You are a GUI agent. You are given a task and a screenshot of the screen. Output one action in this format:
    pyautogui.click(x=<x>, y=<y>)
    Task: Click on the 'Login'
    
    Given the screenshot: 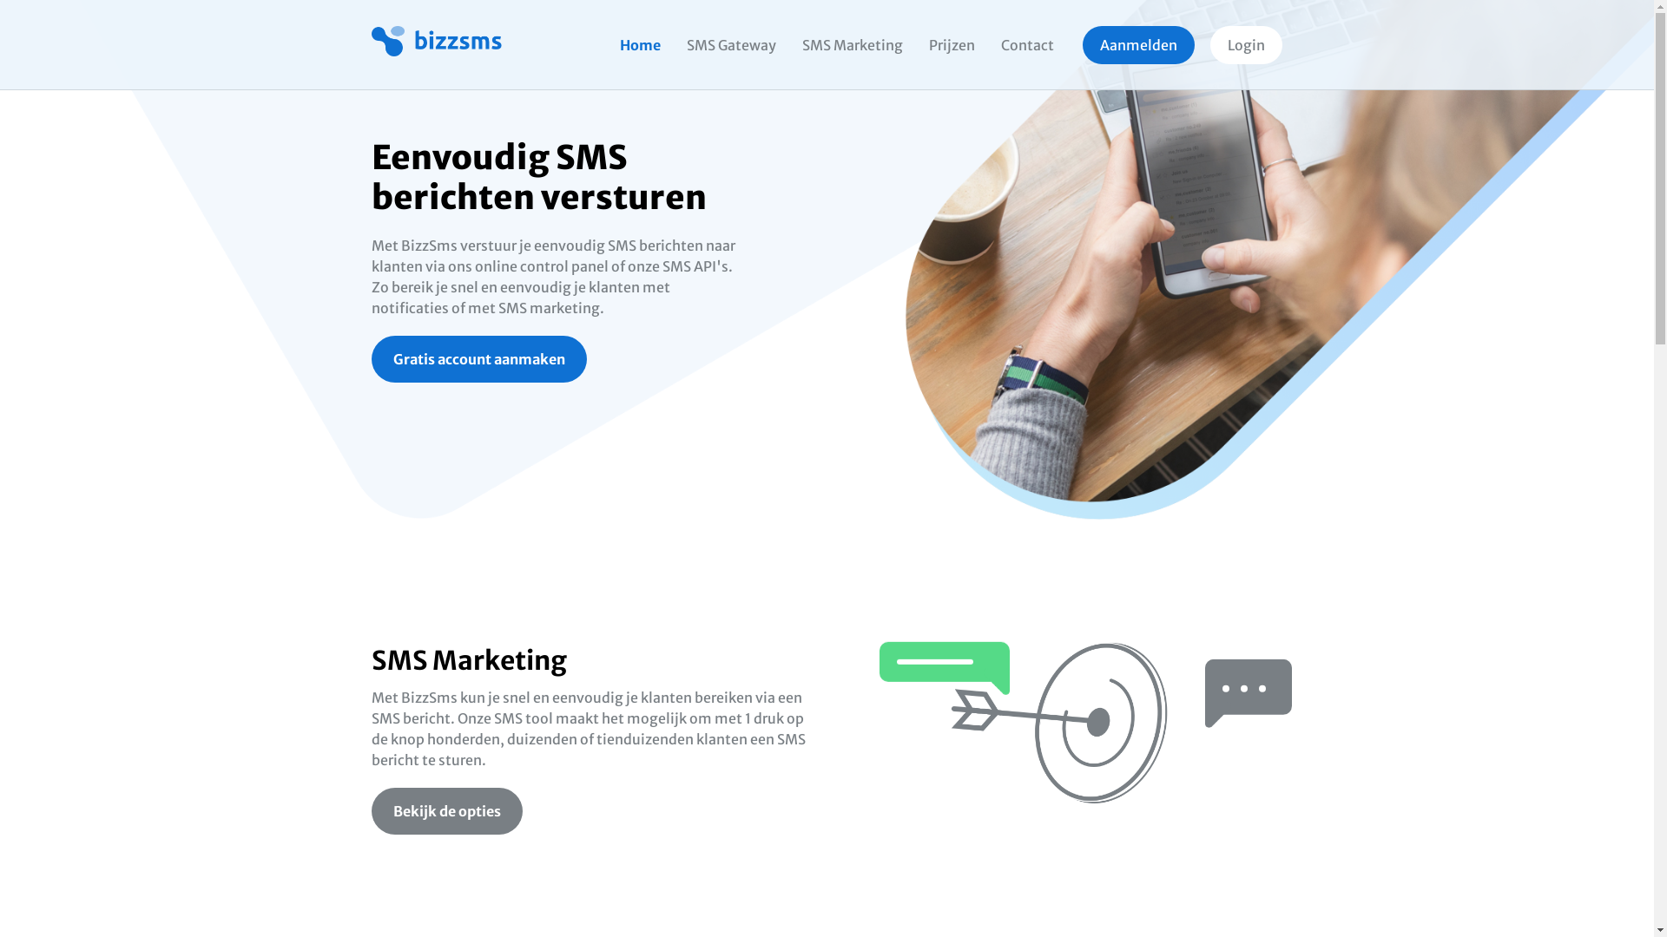 What is the action you would take?
    pyautogui.click(x=1245, y=43)
    